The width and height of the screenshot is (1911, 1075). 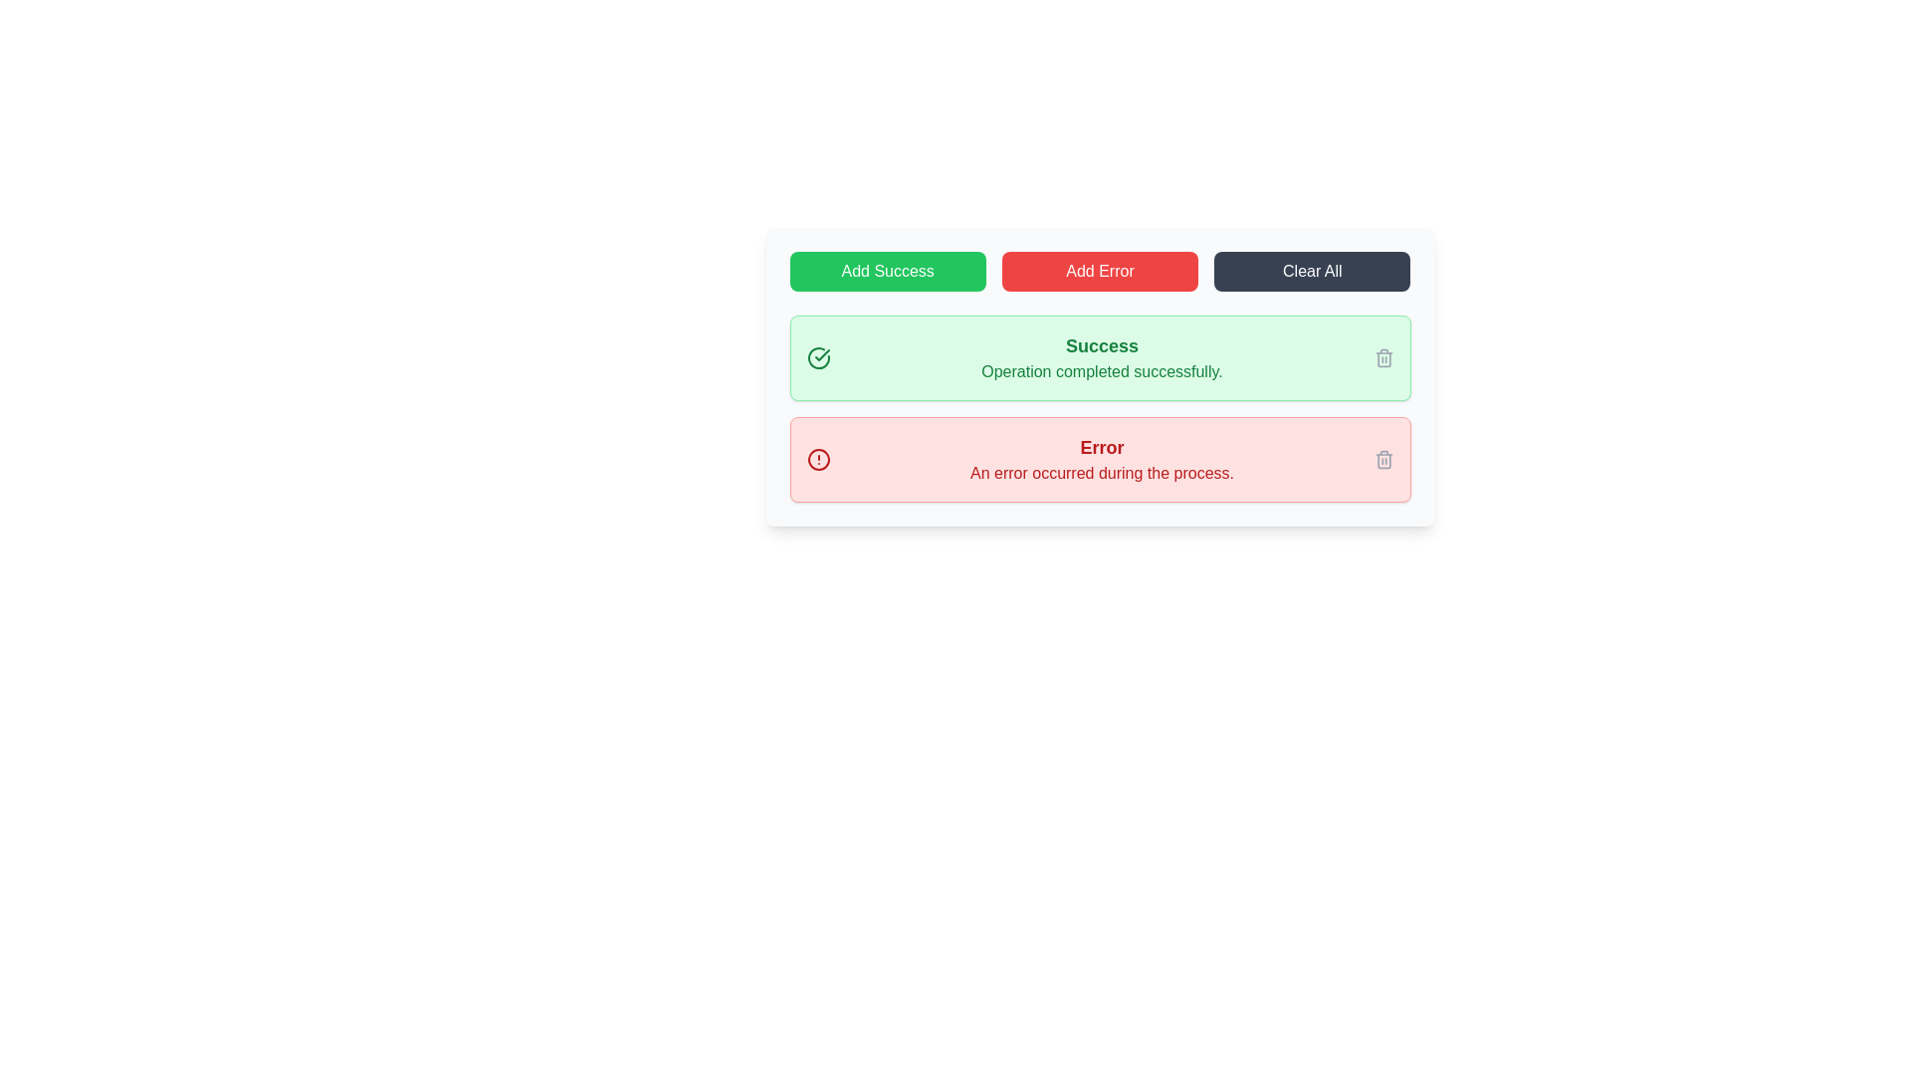 I want to click on error message displayed as 'An error occurred during the process.' in a bold red font, located below the 'Error' header text, so click(x=1101, y=473).